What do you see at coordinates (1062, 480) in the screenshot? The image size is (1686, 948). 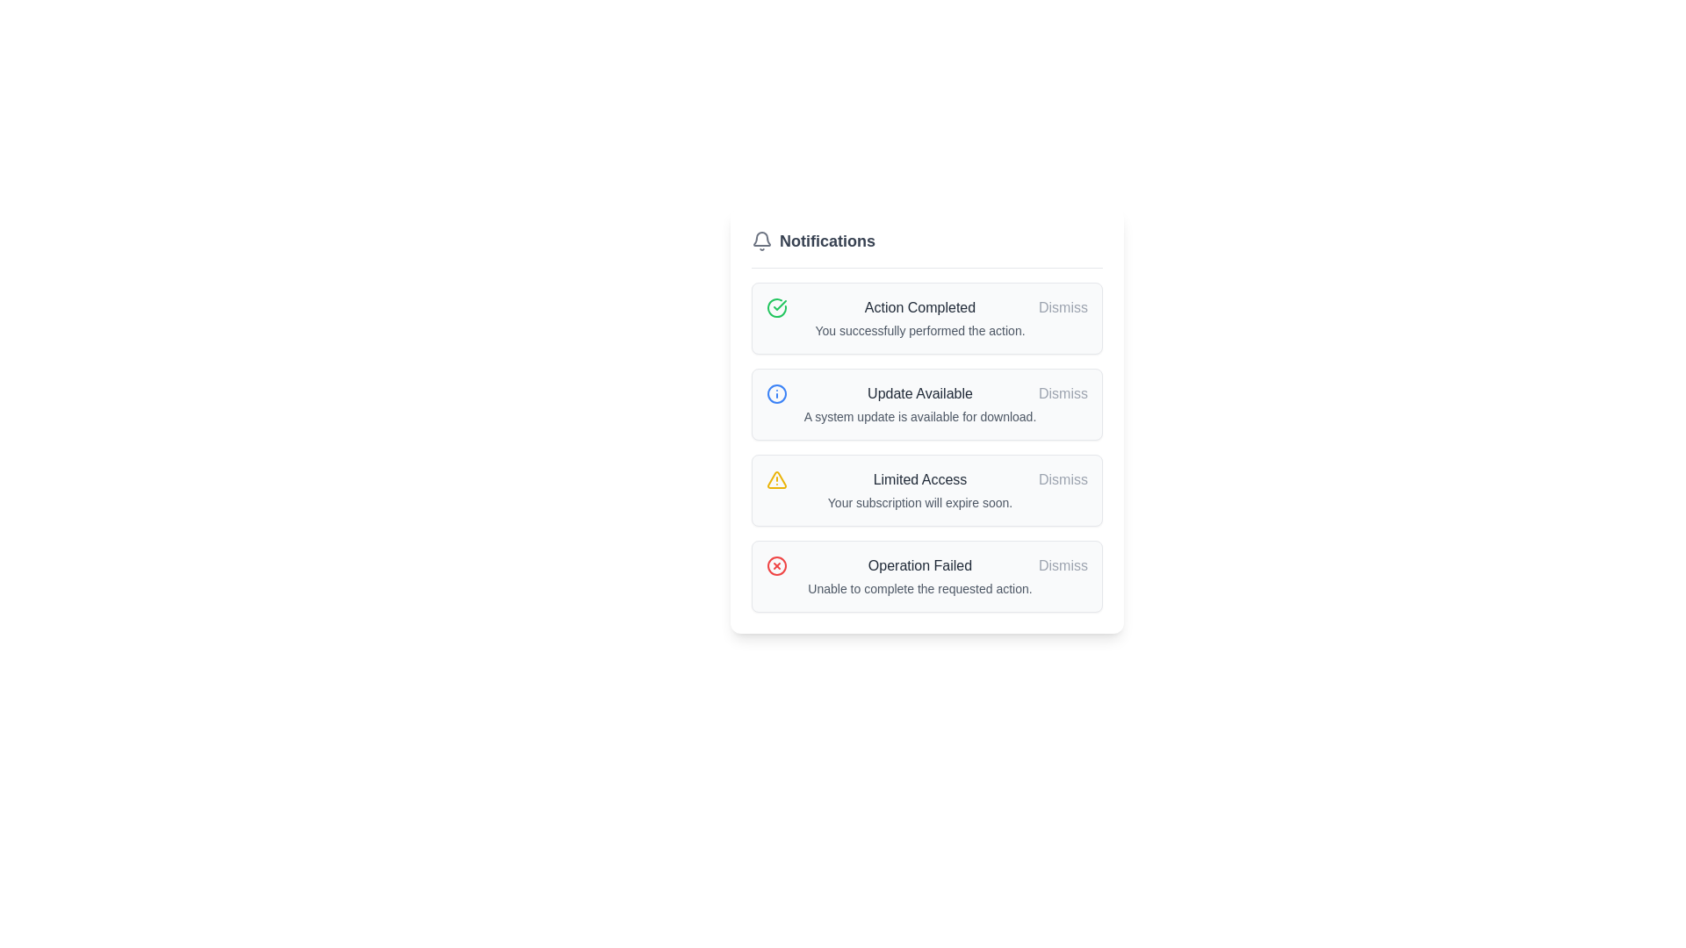 I see `the 'Dismiss' button, which is a clickable text element styled with light gray font next to the warning message 'Limited Access.'` at bounding box center [1062, 480].